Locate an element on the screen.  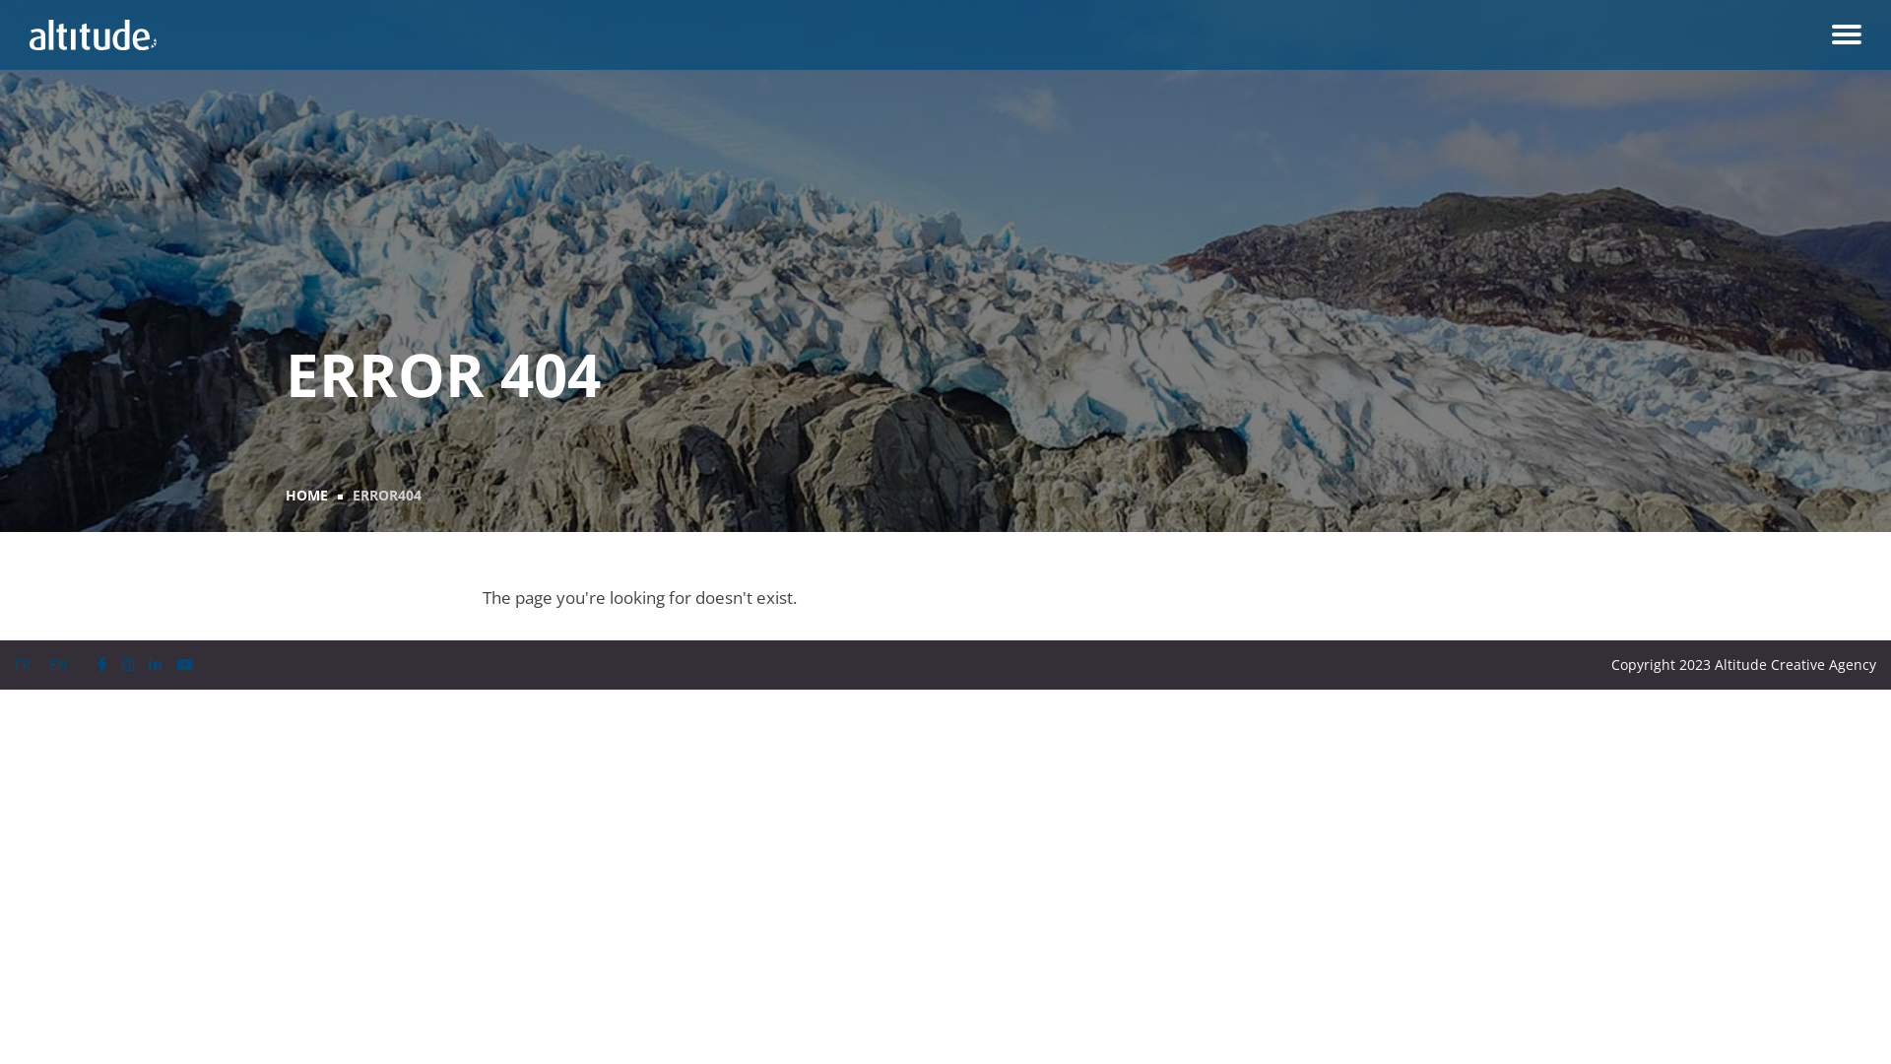
'EN' is located at coordinates (58, 663).